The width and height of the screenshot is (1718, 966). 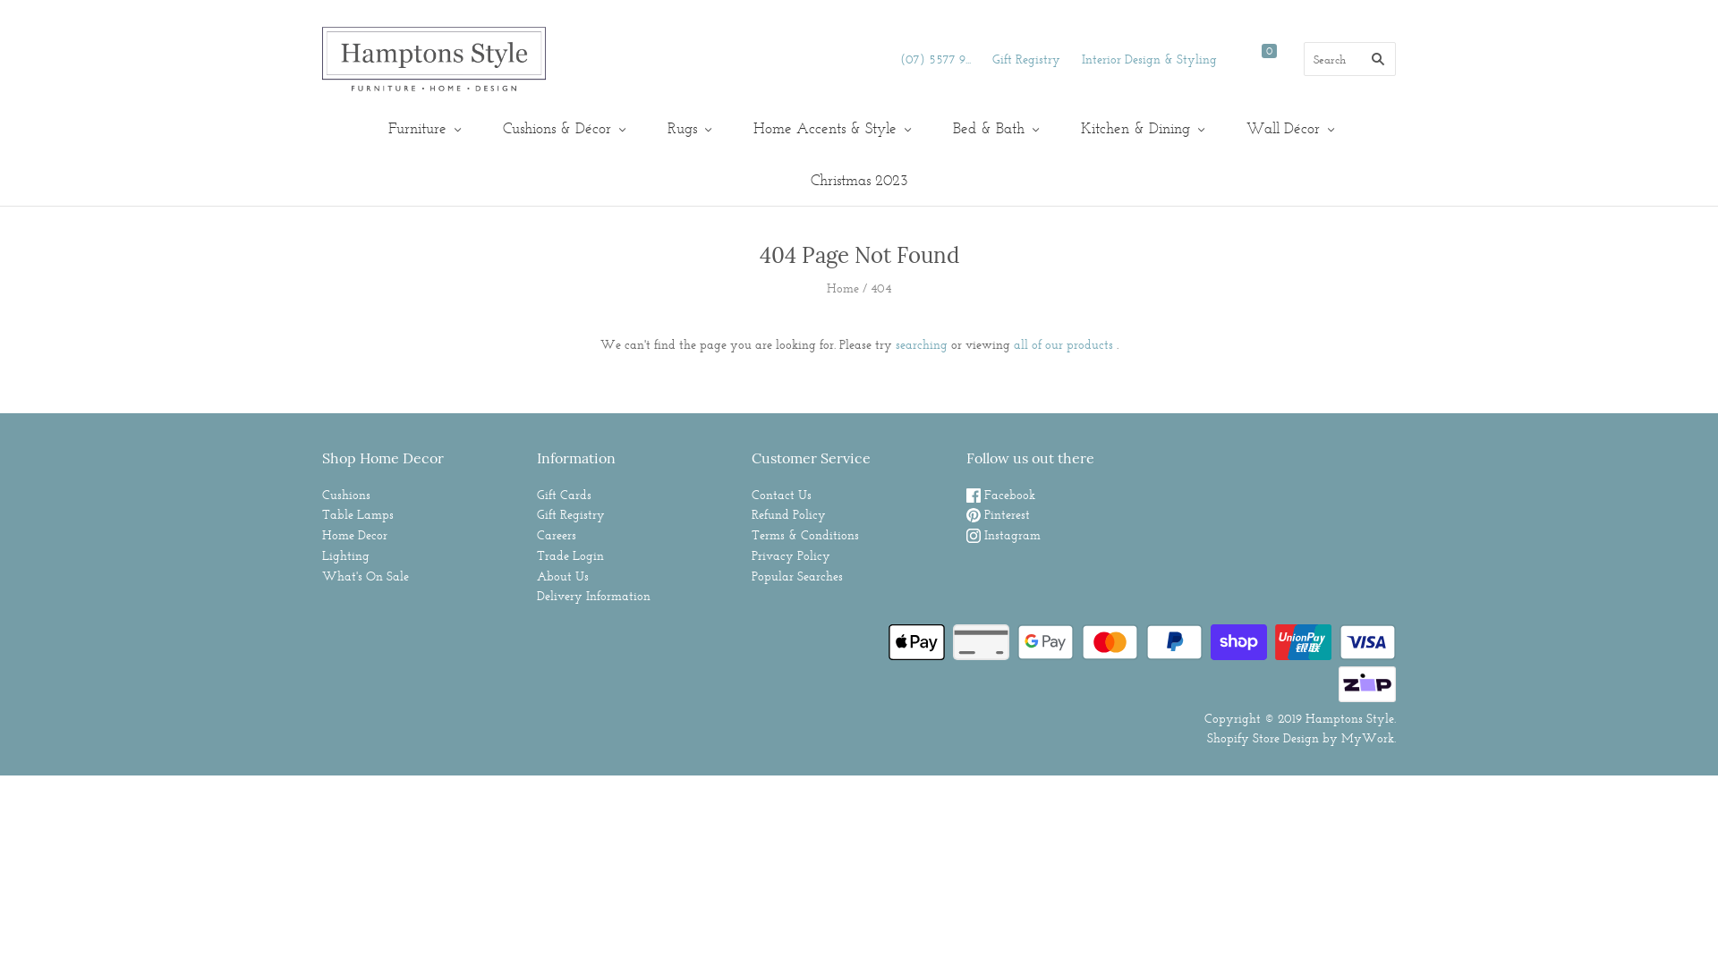 What do you see at coordinates (556, 533) in the screenshot?
I see `'Careers'` at bounding box center [556, 533].